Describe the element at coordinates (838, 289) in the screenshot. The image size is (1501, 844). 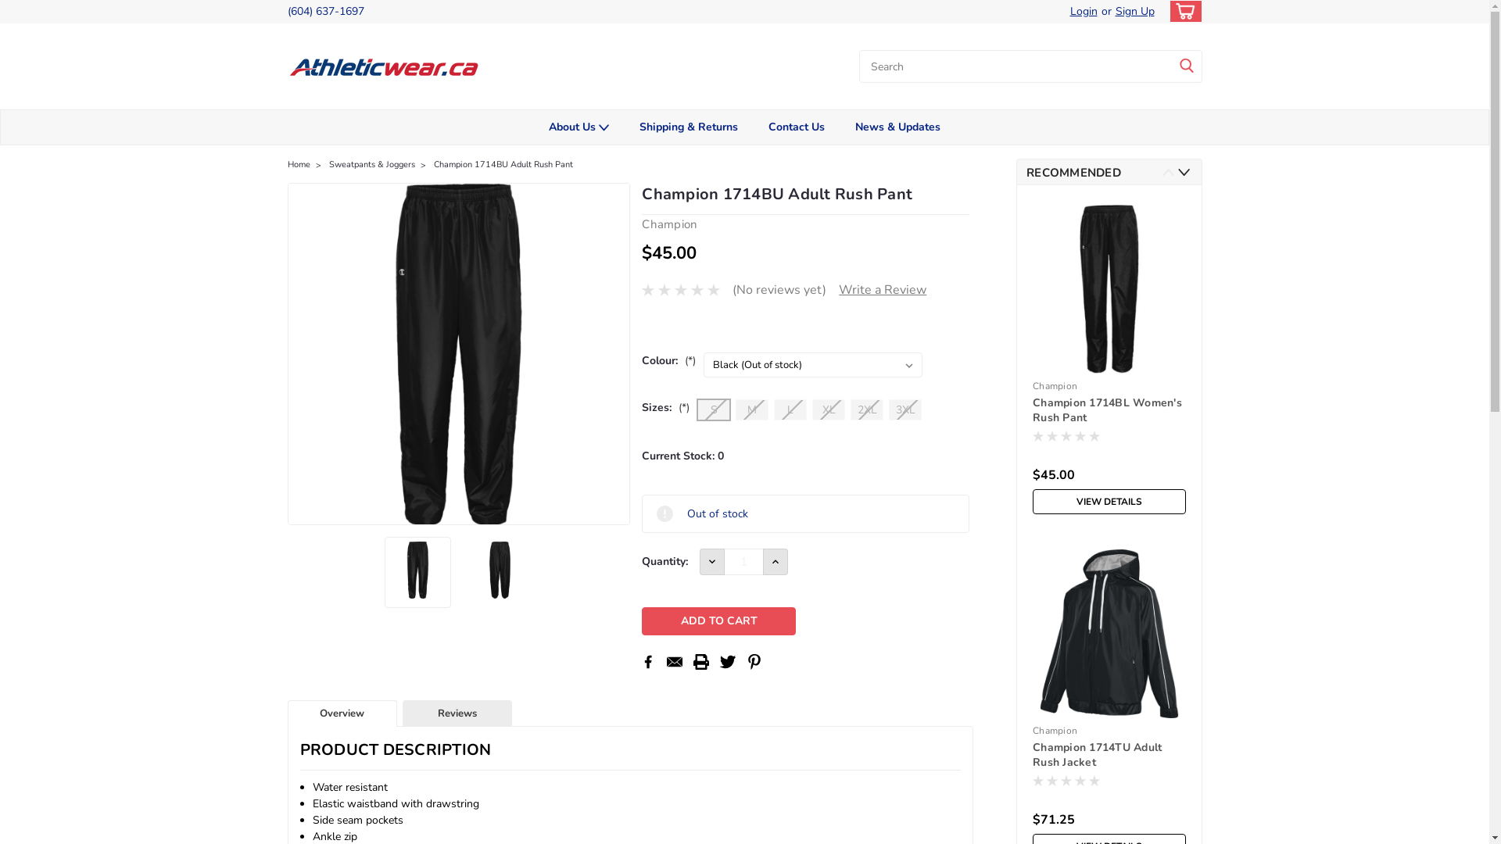
I see `'Write a Review'` at that location.